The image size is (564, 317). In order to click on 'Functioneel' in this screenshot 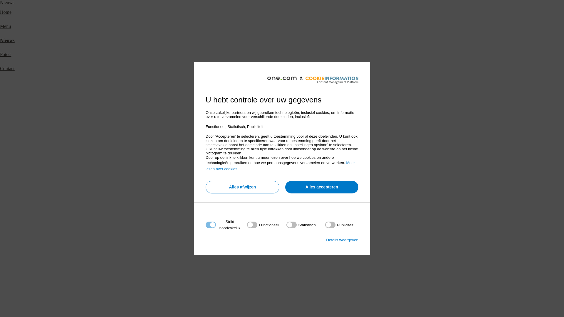, I will do `click(280, 296)`.